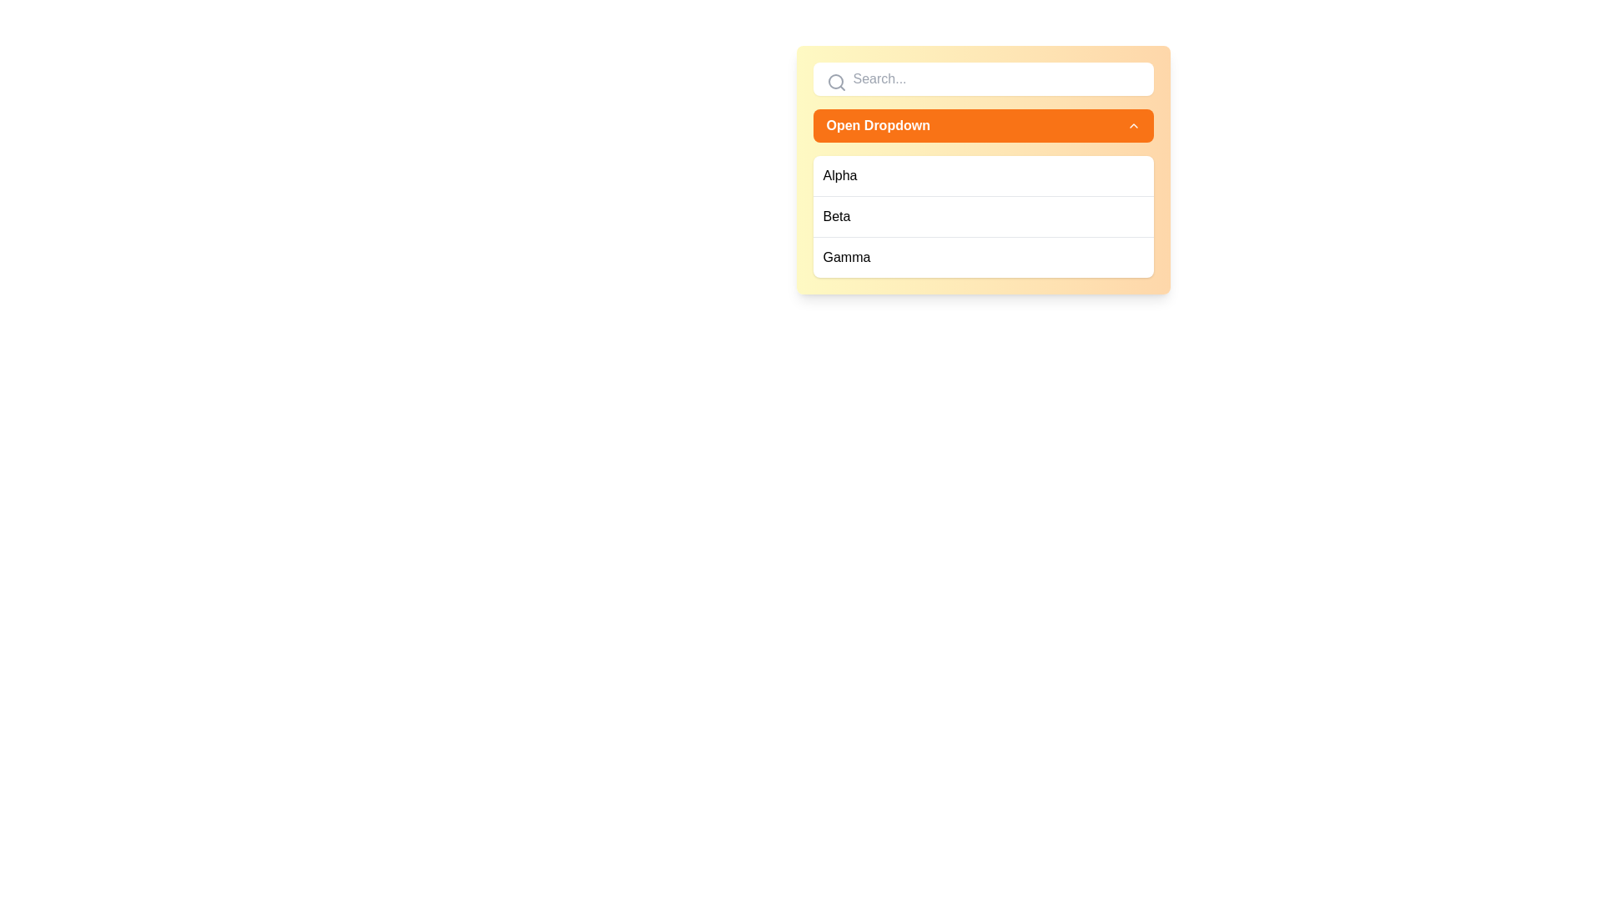 The height and width of the screenshot is (901, 1602). I want to click on the list item labeled 'Alpha' within the white dropdown menu, which is the first item in a three-item list under the 'Open Dropdown' button, so click(983, 170).